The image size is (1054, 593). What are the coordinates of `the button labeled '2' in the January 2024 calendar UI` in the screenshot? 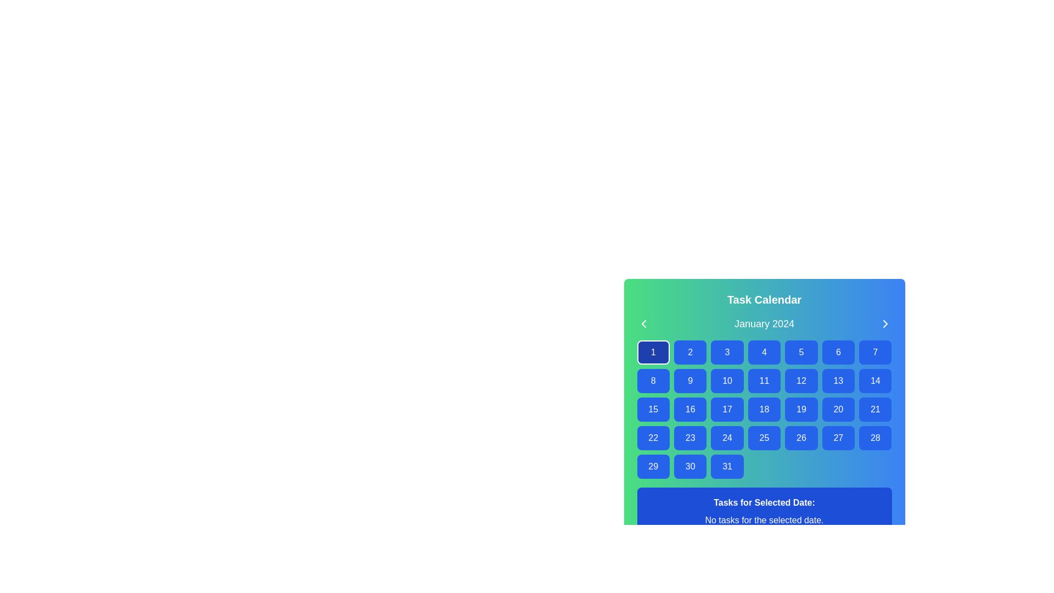 It's located at (689, 352).